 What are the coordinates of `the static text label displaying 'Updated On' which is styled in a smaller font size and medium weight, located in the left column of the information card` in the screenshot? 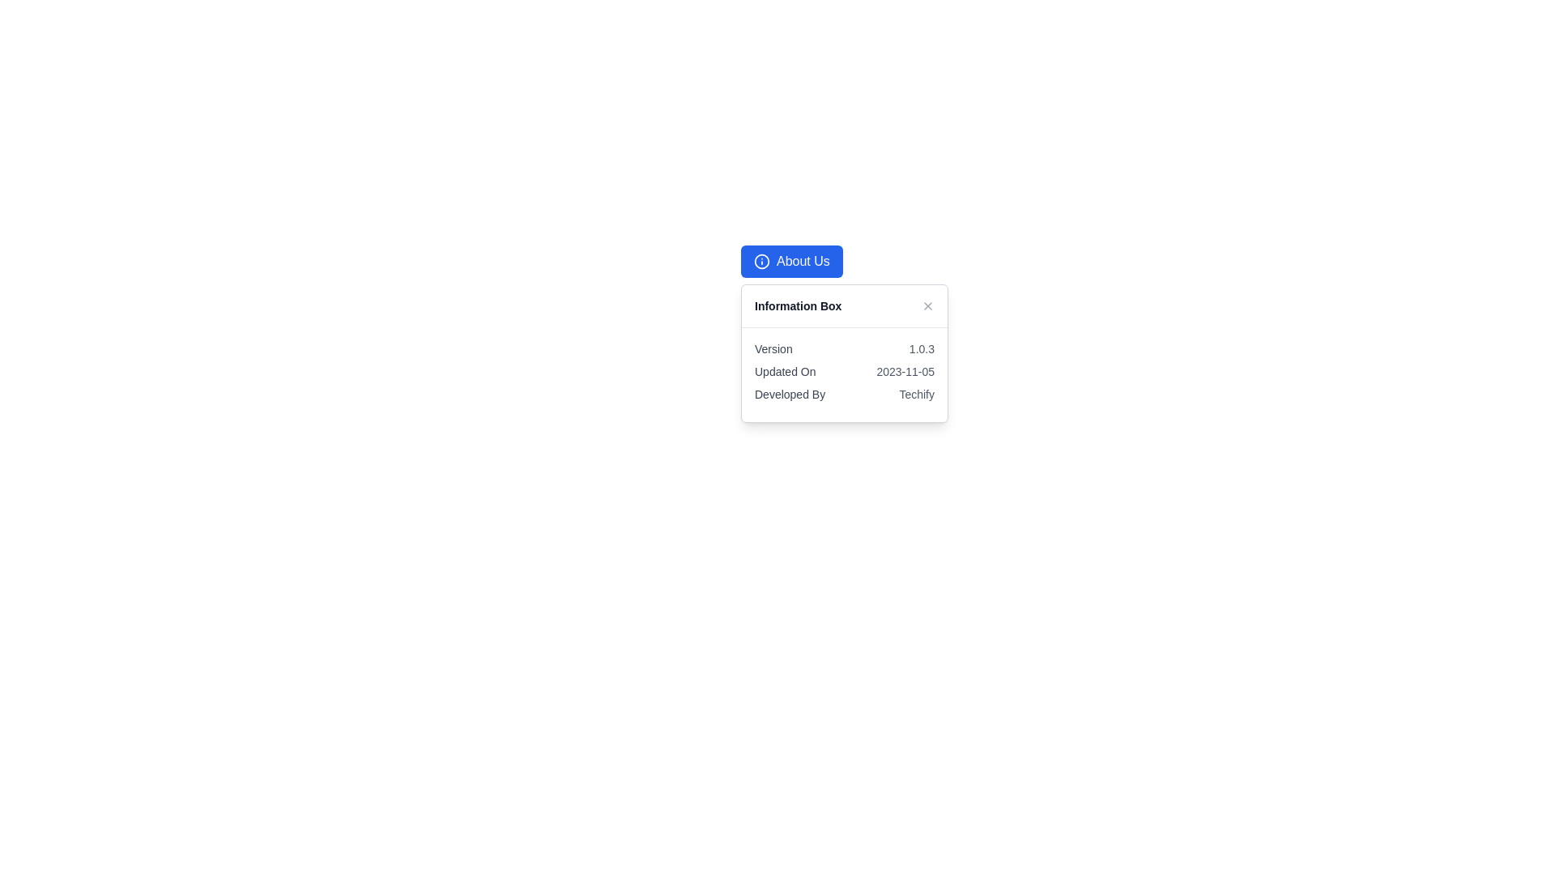 It's located at (785, 372).